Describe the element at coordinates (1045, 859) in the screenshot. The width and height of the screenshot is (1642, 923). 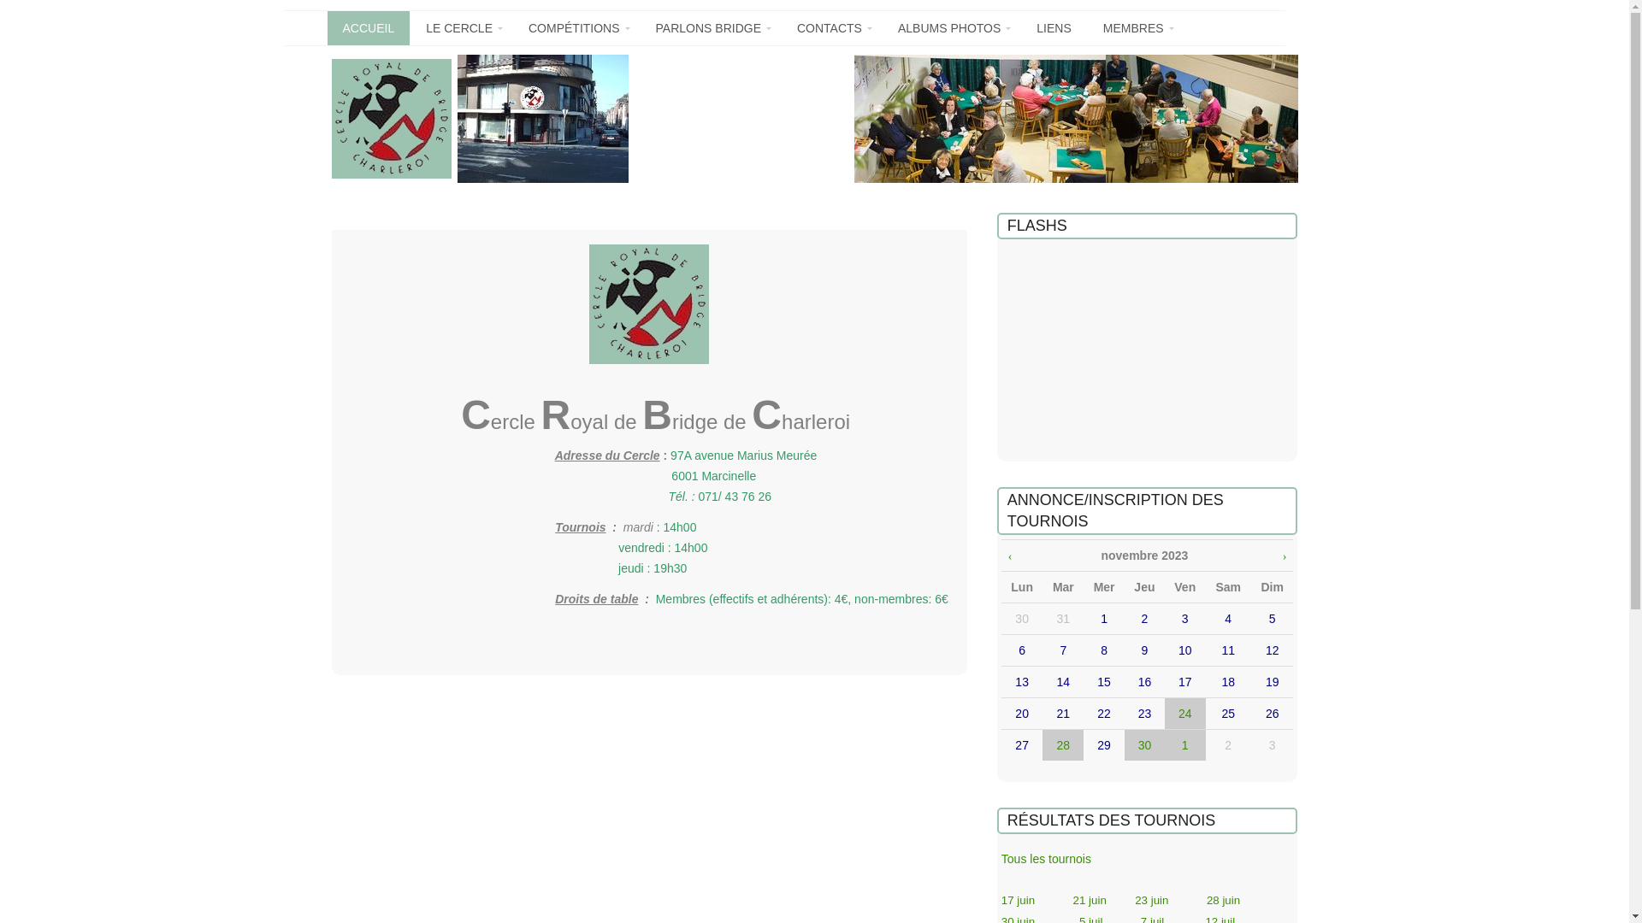
I see `'Tous les tournois'` at that location.